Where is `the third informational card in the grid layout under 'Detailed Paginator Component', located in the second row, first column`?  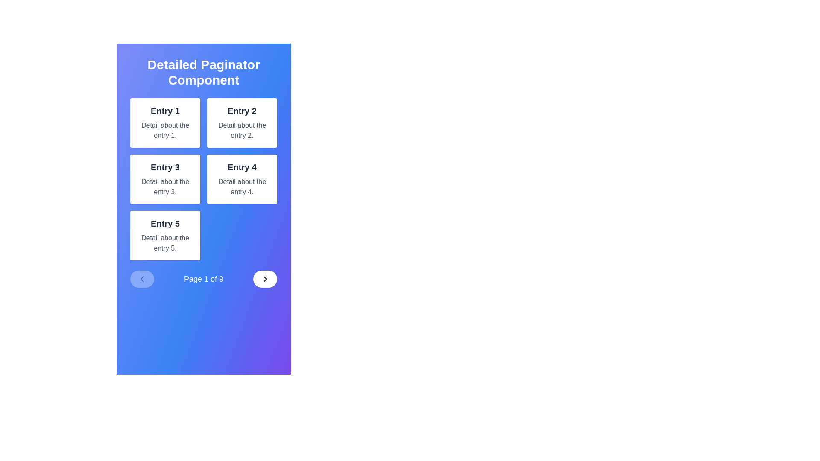
the third informational card in the grid layout under 'Detailed Paginator Component', located in the second row, first column is located at coordinates (165, 179).